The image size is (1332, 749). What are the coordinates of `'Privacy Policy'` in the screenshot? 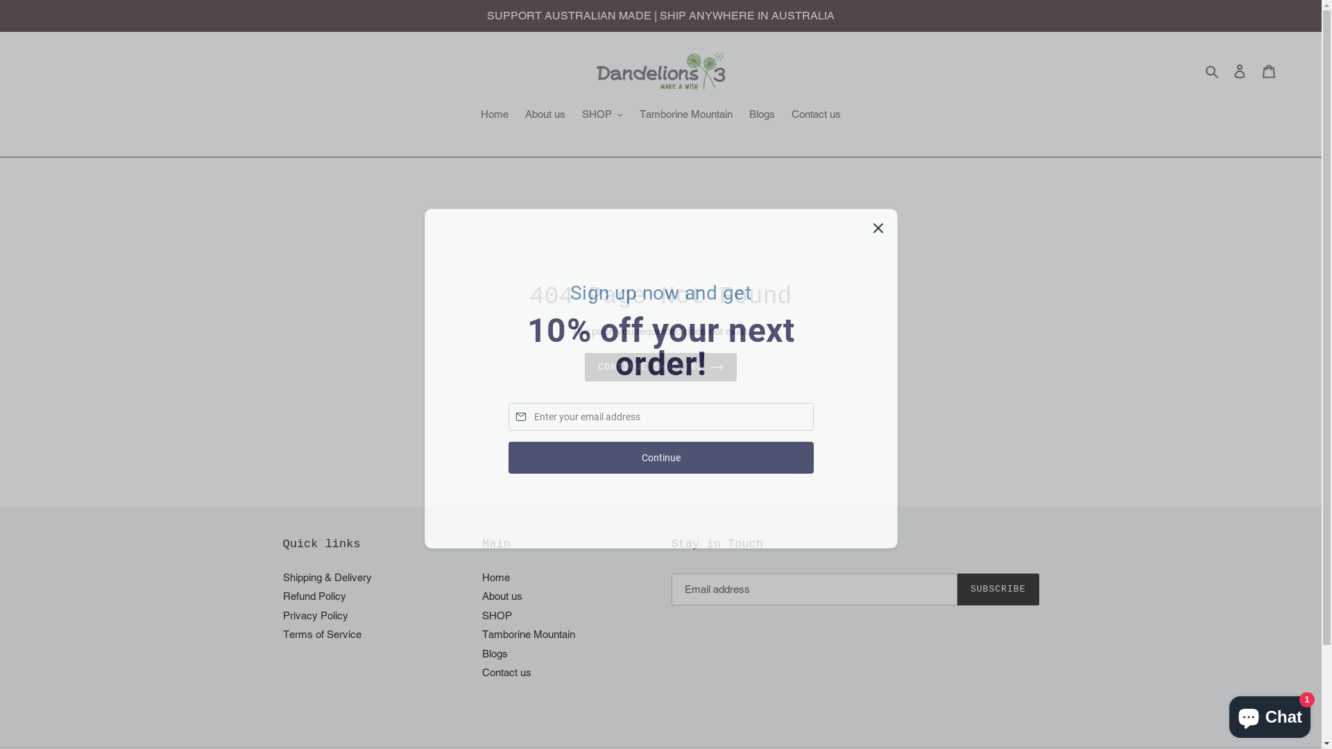 It's located at (315, 614).